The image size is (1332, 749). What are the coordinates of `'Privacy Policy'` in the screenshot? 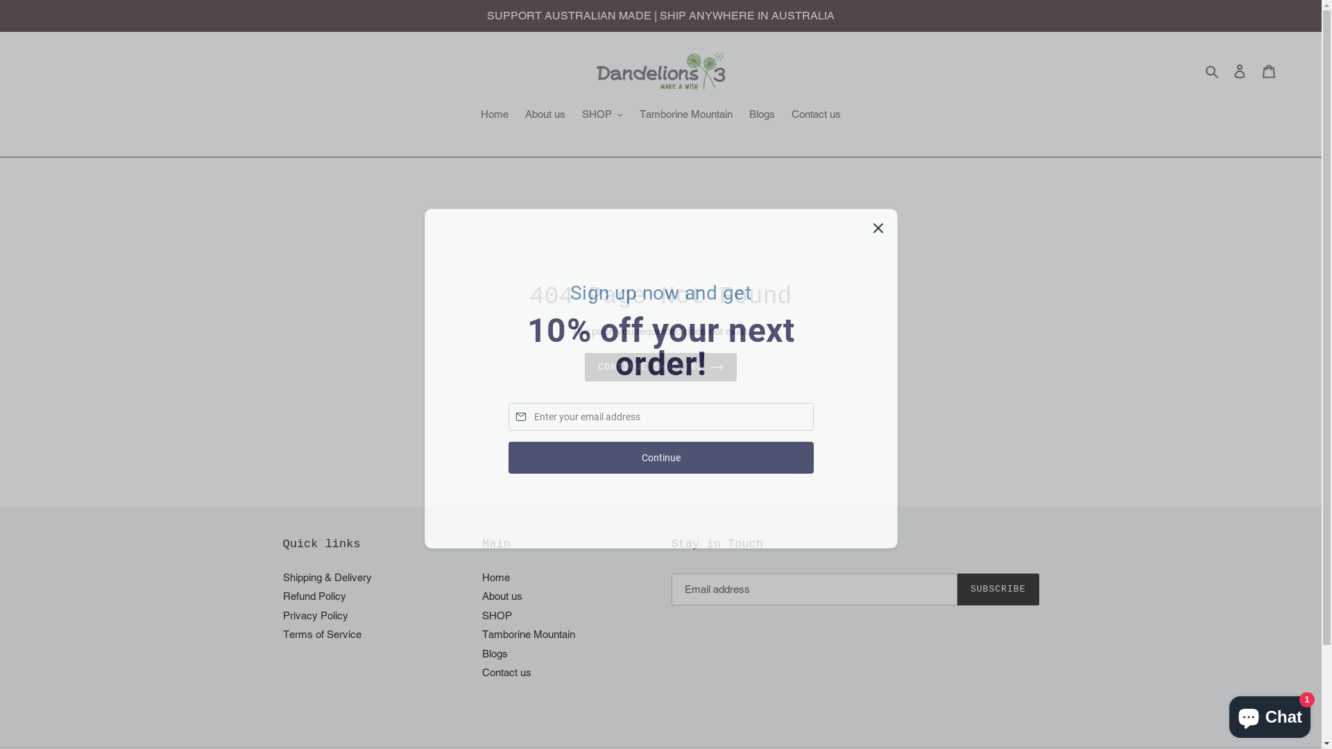 It's located at (315, 614).